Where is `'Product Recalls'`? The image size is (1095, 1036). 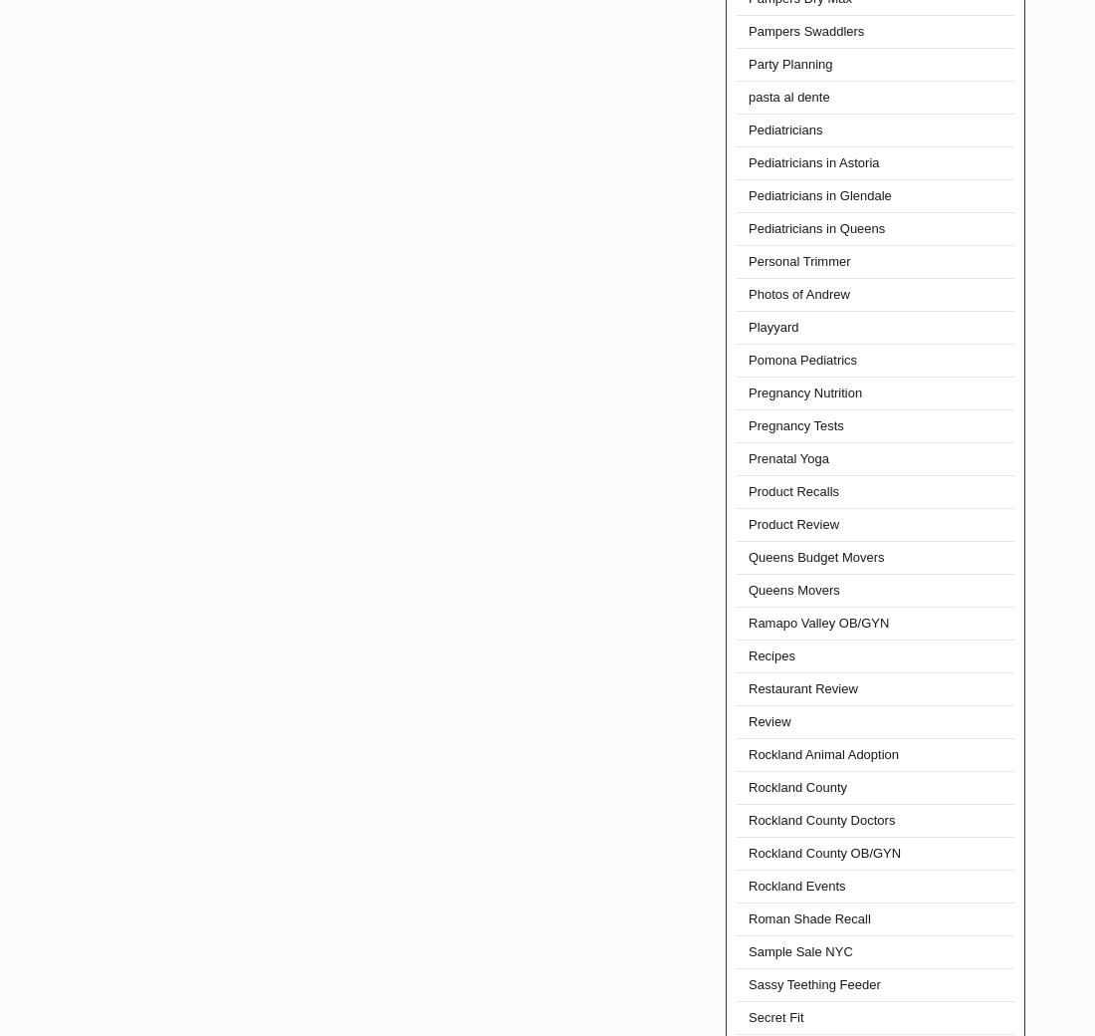
'Product Recalls' is located at coordinates (793, 491).